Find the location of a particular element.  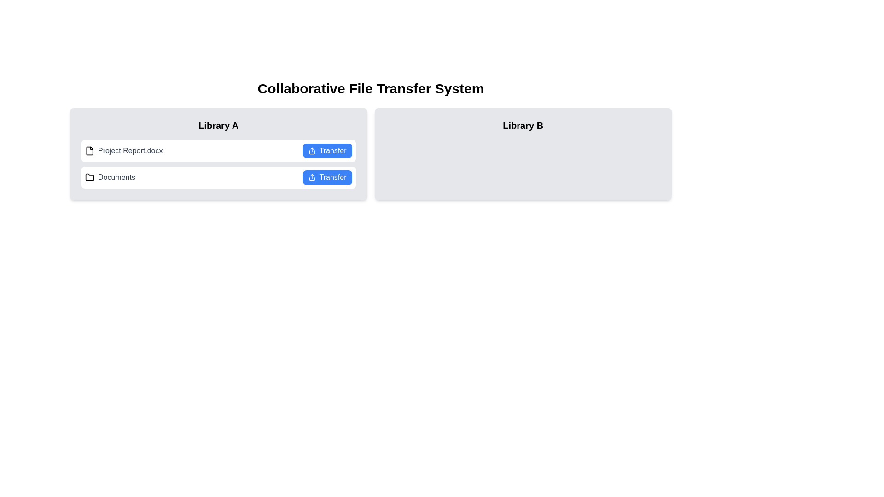

the transfer button located at the top right corner of the row for the file 'Project Report.docx' to initiate the transfer action is located at coordinates (327, 150).